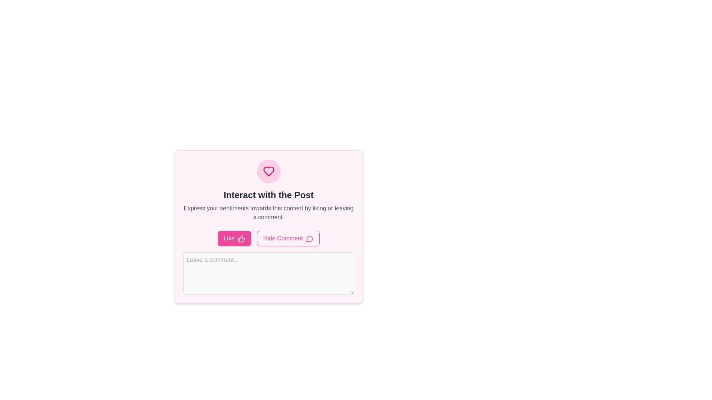 The image size is (712, 400). Describe the element at coordinates (241, 239) in the screenshot. I see `the 'Like' button icon located to the right of the text within the button at the bottom center of the interface` at that location.